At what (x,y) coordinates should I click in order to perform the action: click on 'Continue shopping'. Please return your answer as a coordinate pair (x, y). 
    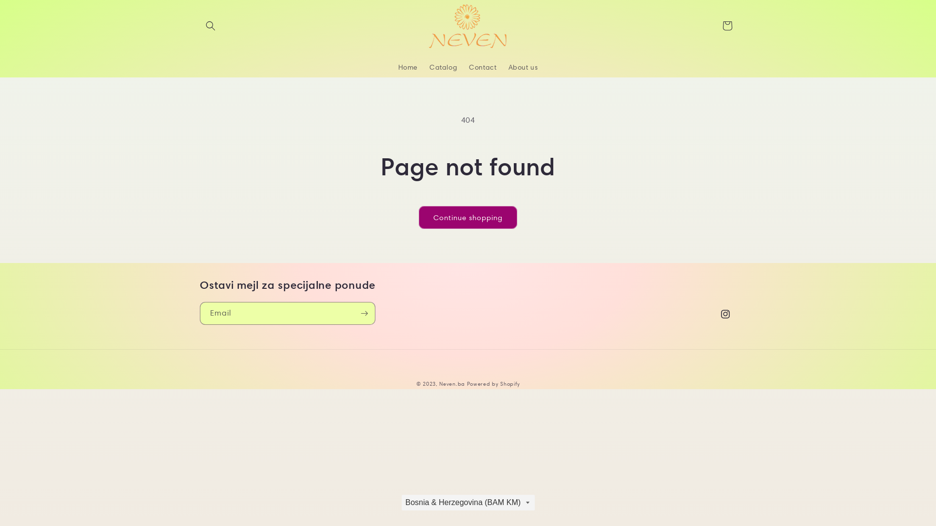
    Looking at the image, I should click on (468, 217).